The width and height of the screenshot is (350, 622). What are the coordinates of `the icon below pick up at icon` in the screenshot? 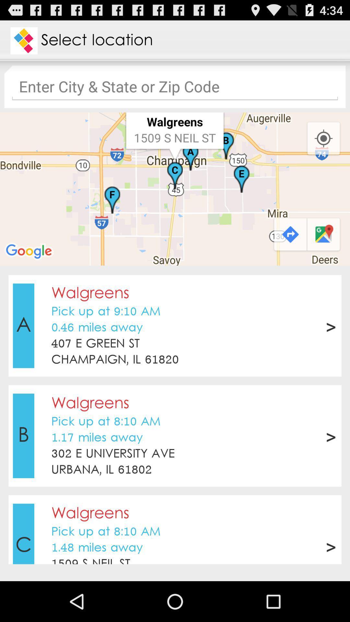 It's located at (97, 328).